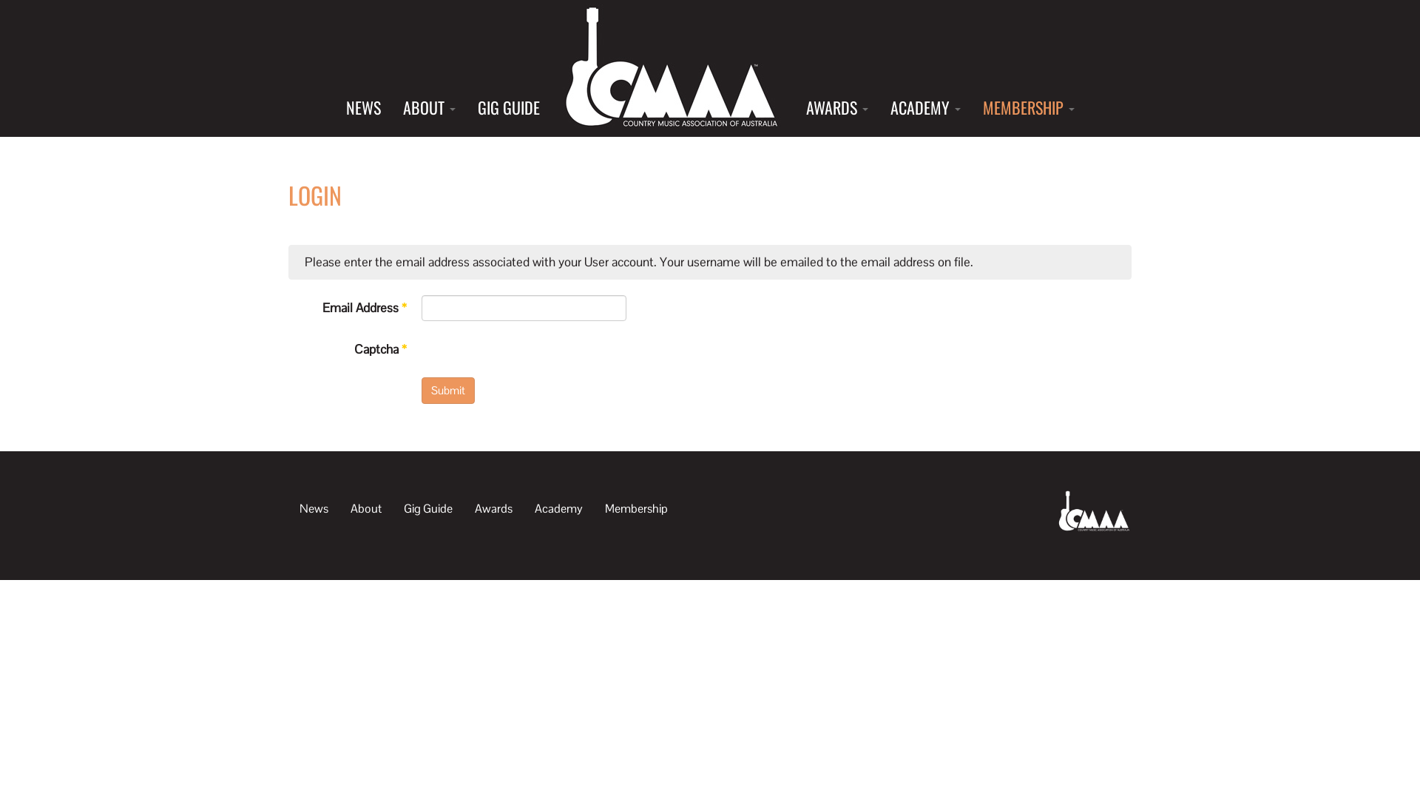  I want to click on 'Submit', so click(447, 389).